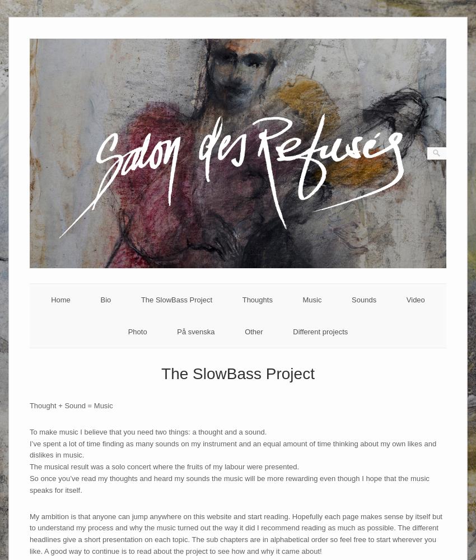 The width and height of the screenshot is (476, 560). I want to click on 'Other', so click(253, 331).